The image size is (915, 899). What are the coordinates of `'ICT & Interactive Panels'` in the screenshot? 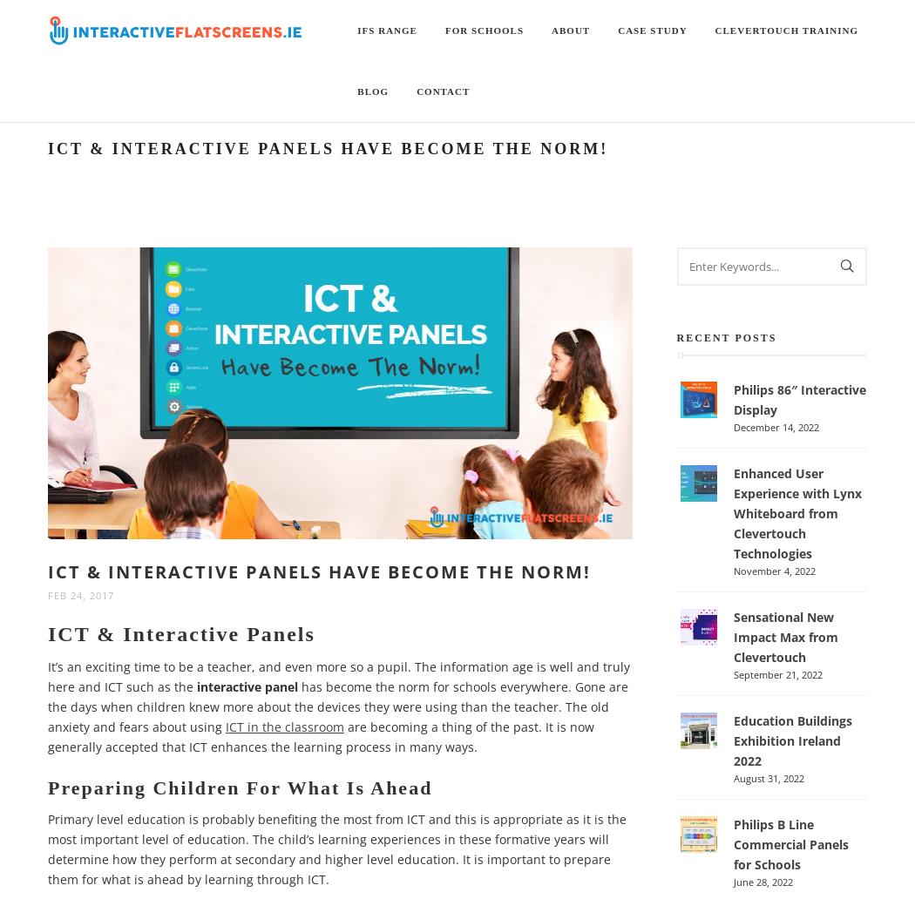 It's located at (47, 632).